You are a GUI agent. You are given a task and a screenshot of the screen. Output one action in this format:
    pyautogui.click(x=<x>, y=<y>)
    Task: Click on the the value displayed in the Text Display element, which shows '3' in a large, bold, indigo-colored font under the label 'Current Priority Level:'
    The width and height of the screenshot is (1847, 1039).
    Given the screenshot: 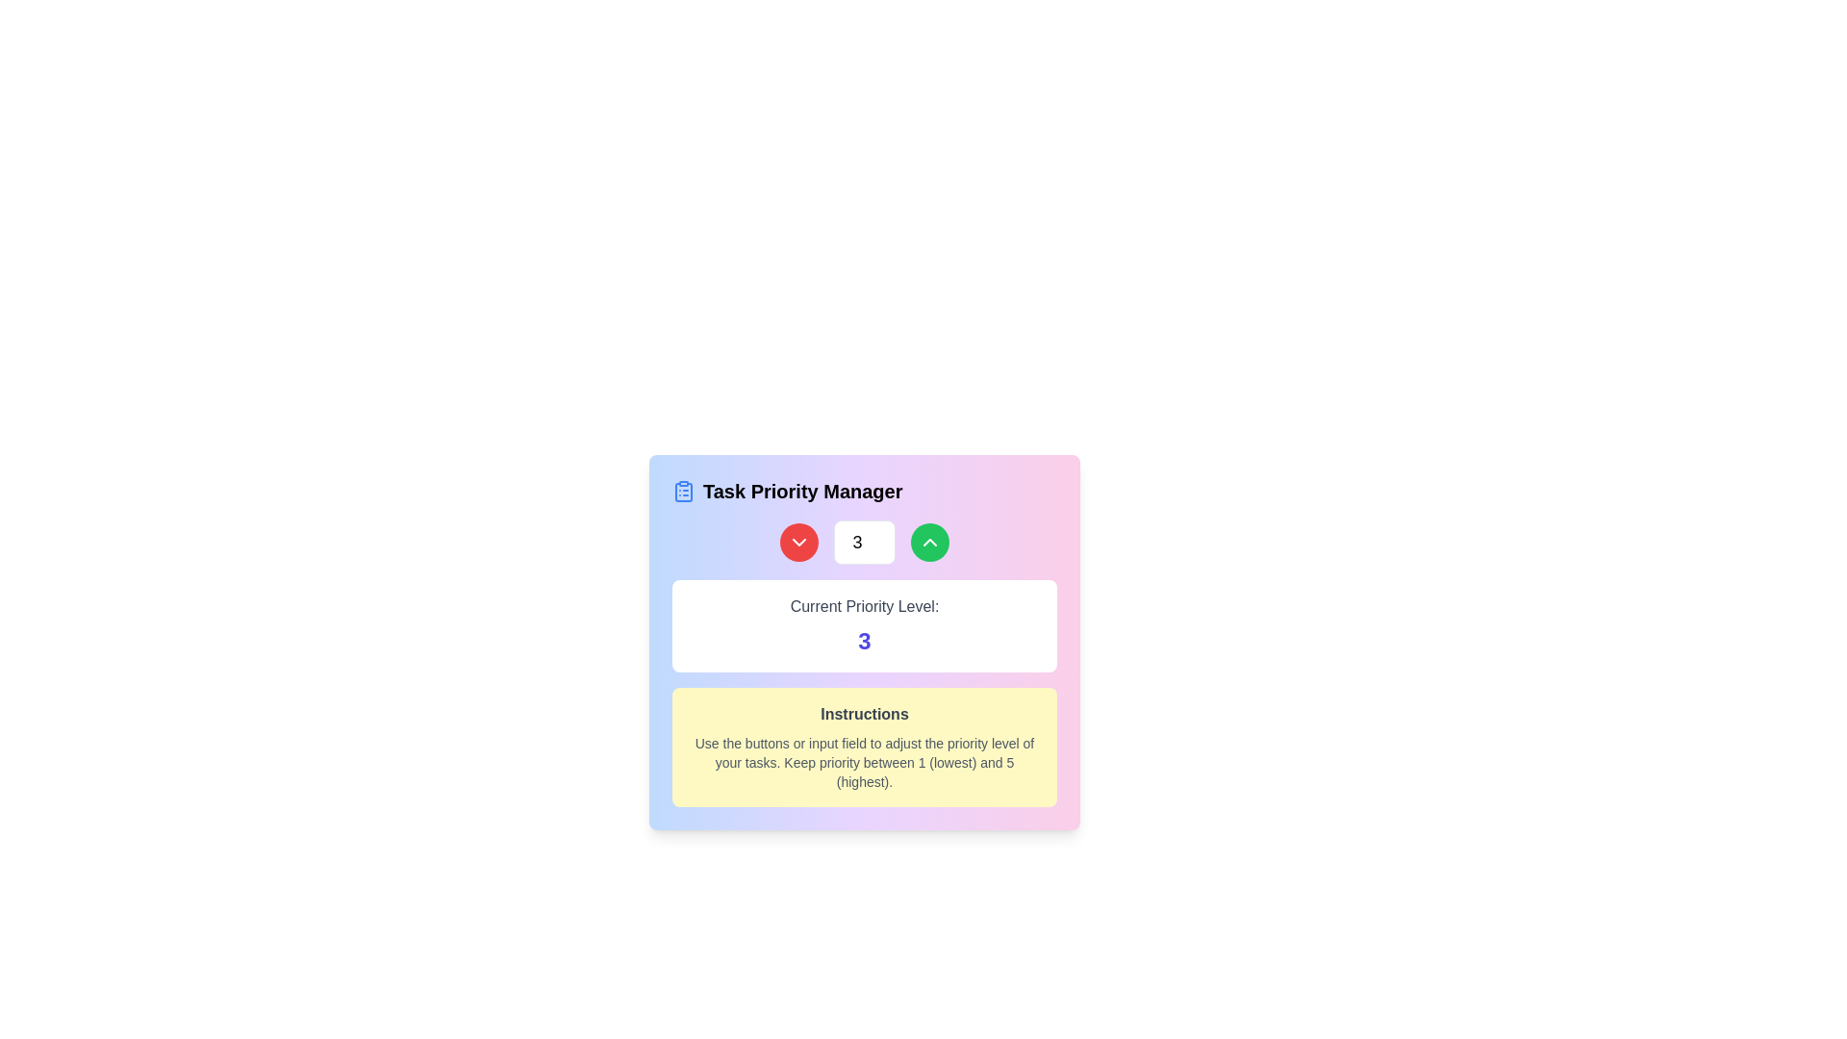 What is the action you would take?
    pyautogui.click(x=863, y=626)
    